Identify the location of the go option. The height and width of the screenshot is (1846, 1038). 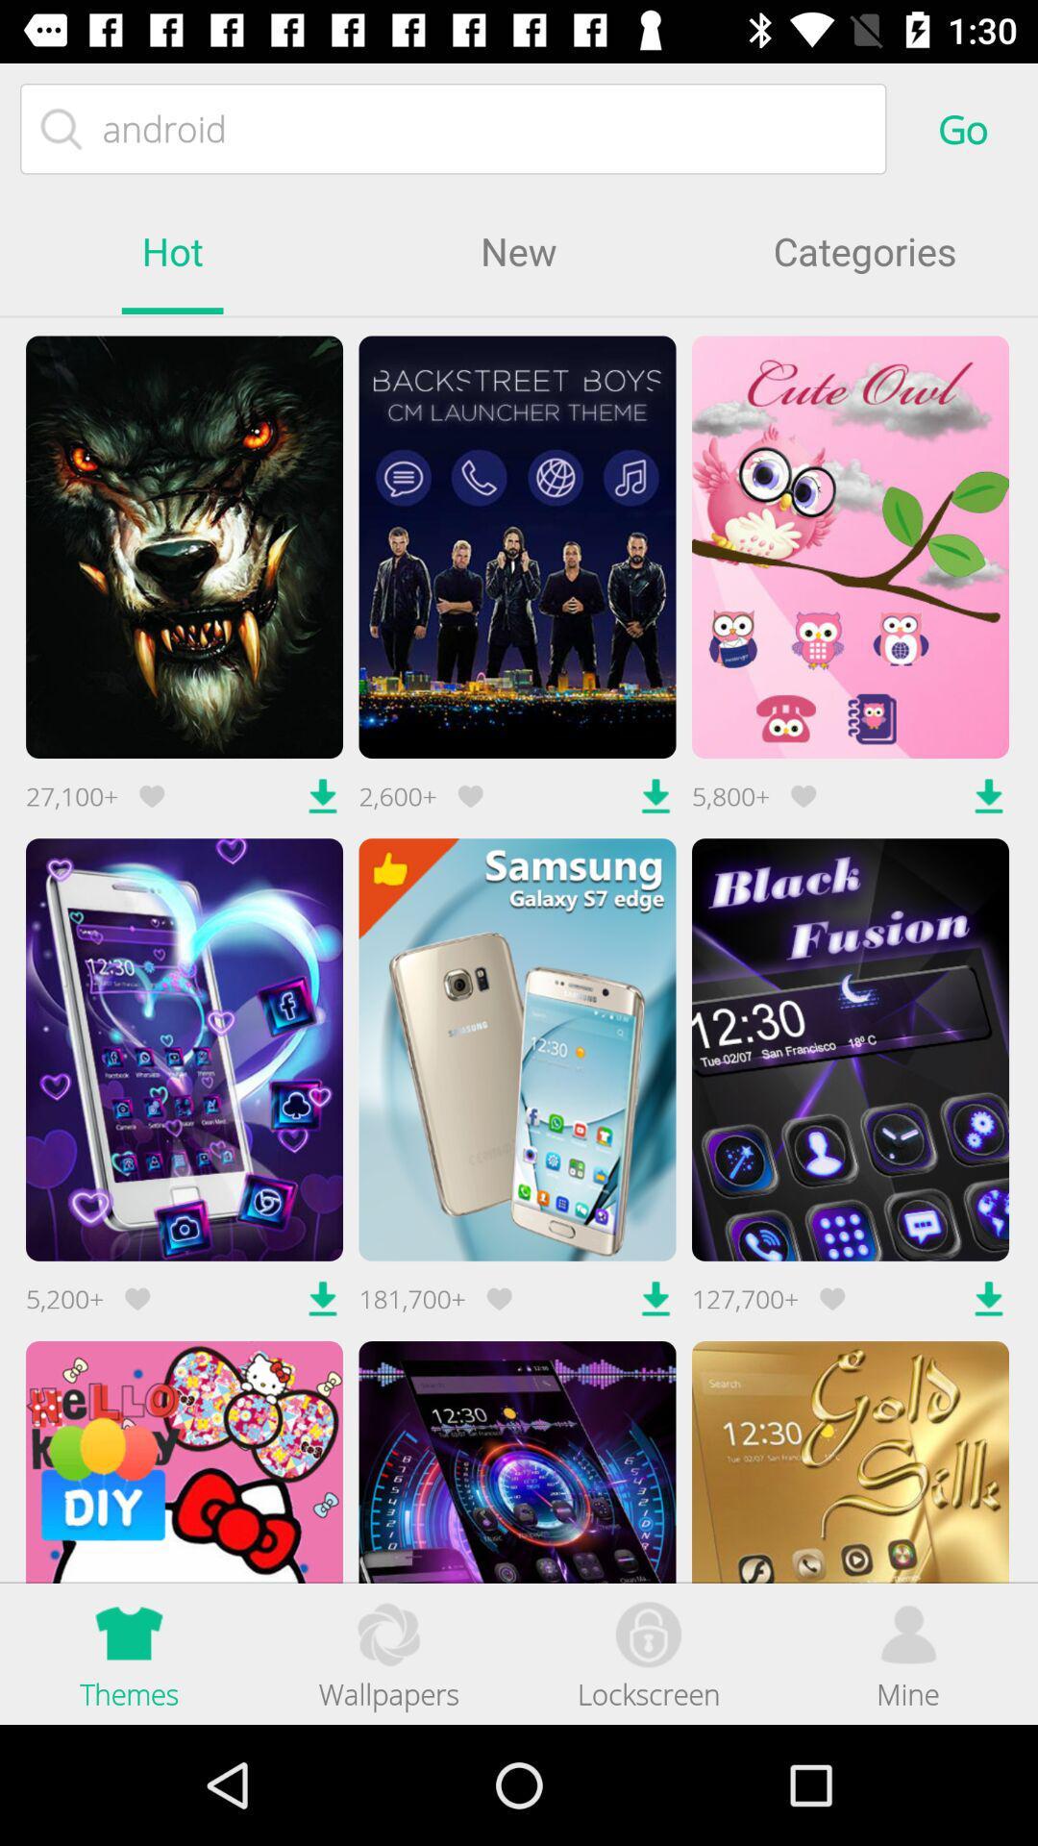
(962, 128).